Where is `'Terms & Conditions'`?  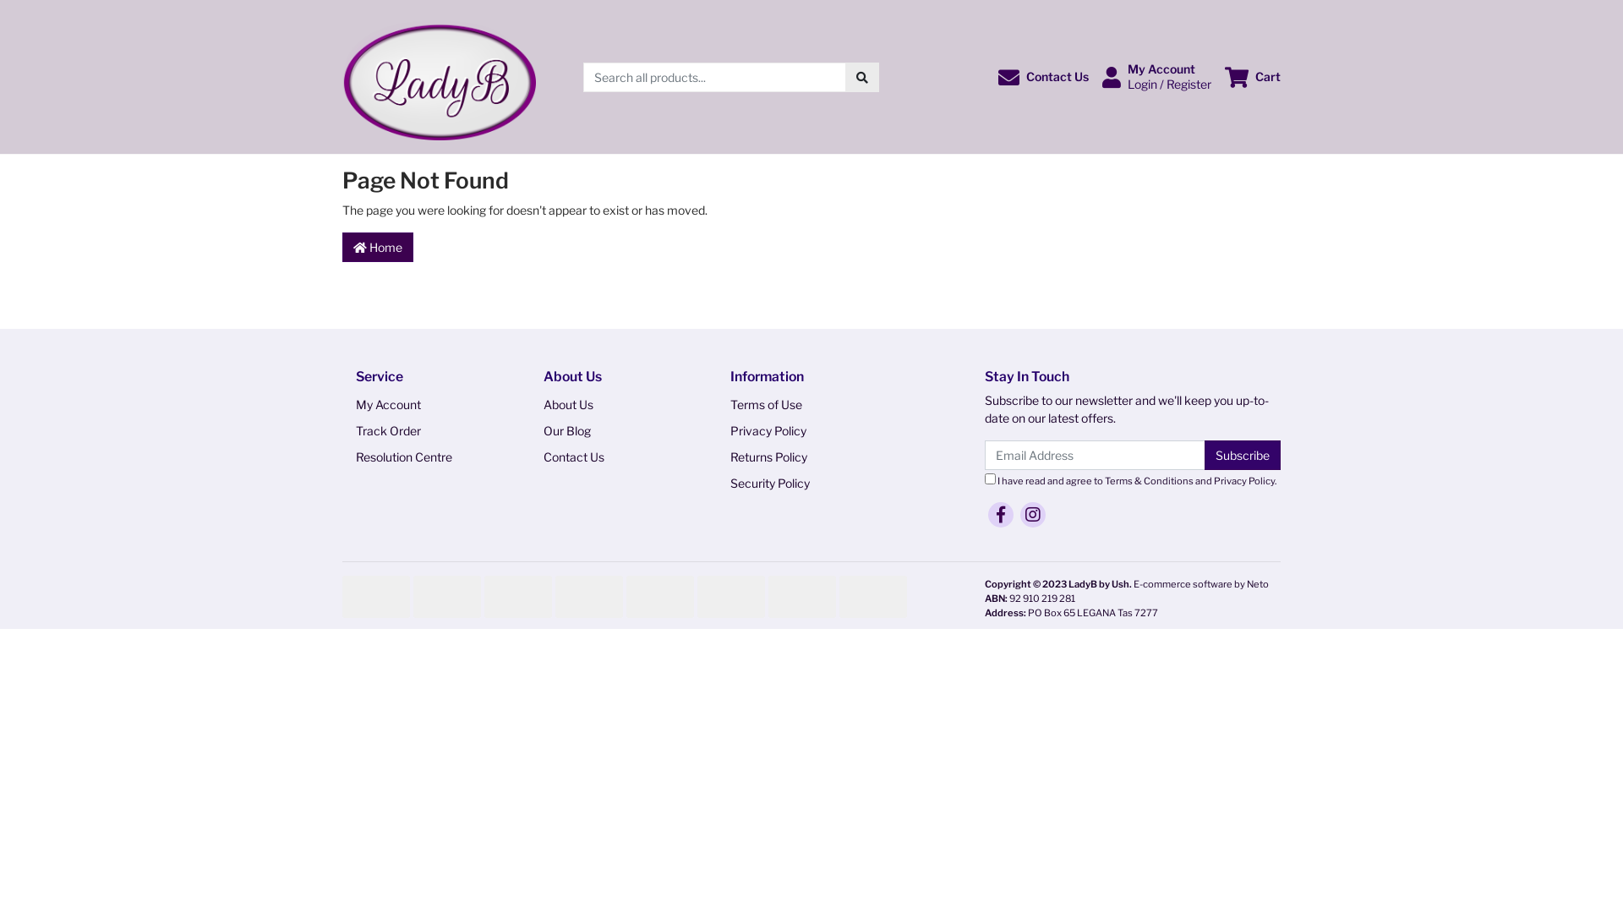 'Terms & Conditions' is located at coordinates (1149, 481).